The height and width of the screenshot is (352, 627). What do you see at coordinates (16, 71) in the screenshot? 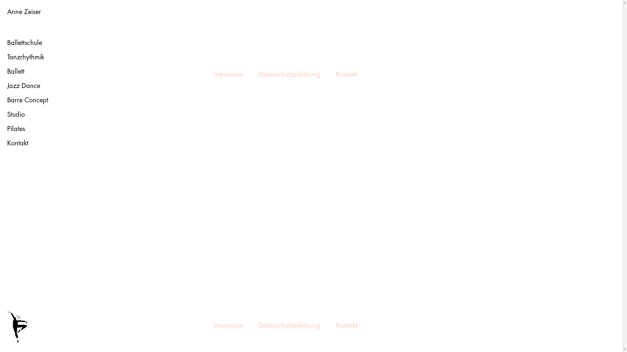
I see `'Ballett'` at bounding box center [16, 71].